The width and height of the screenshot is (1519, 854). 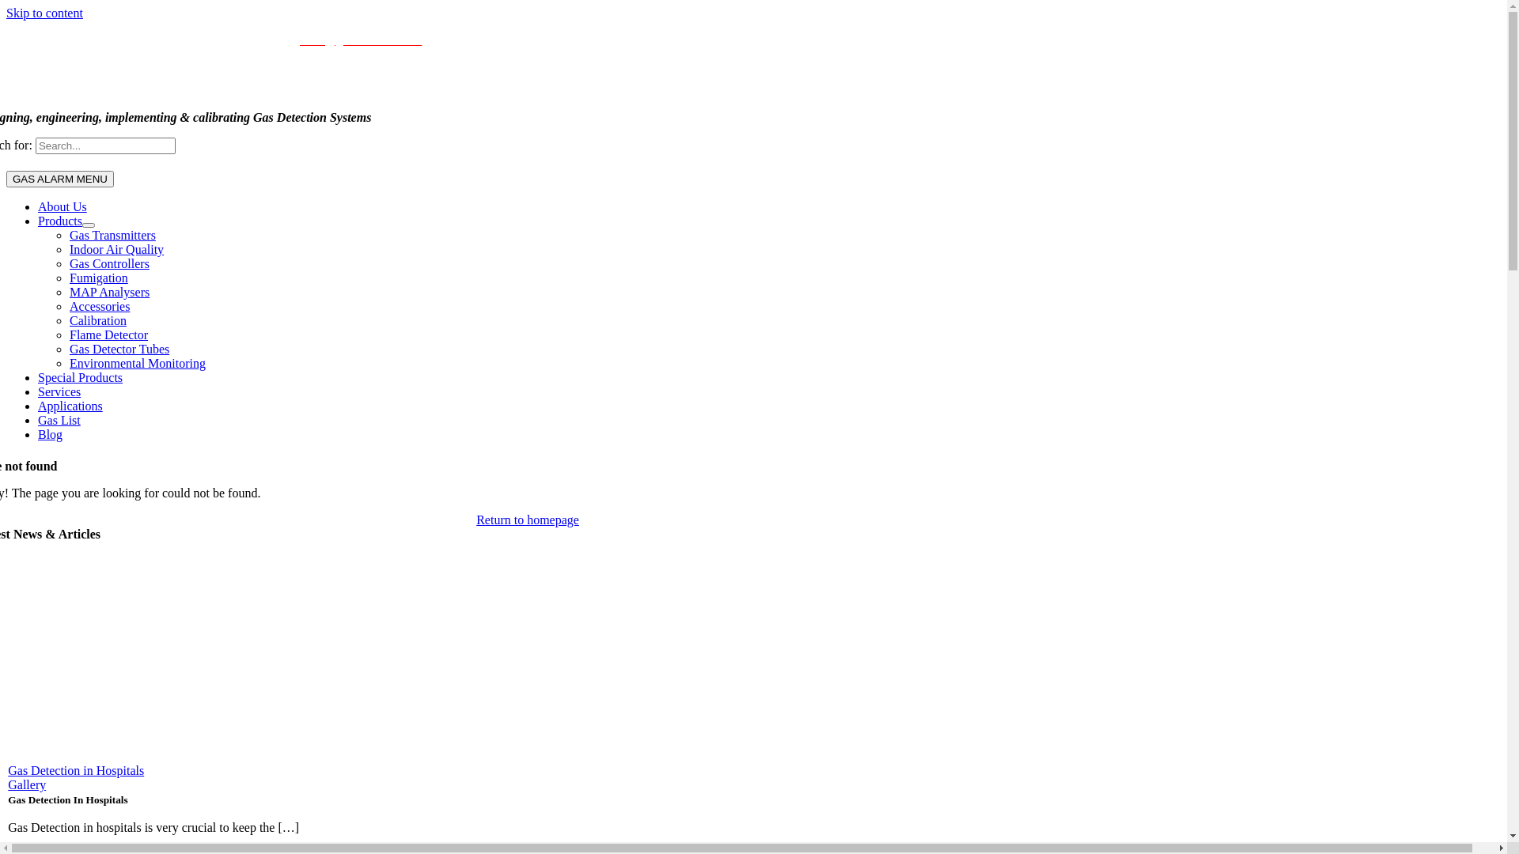 I want to click on 'Indoor Air Quality', so click(x=116, y=249).